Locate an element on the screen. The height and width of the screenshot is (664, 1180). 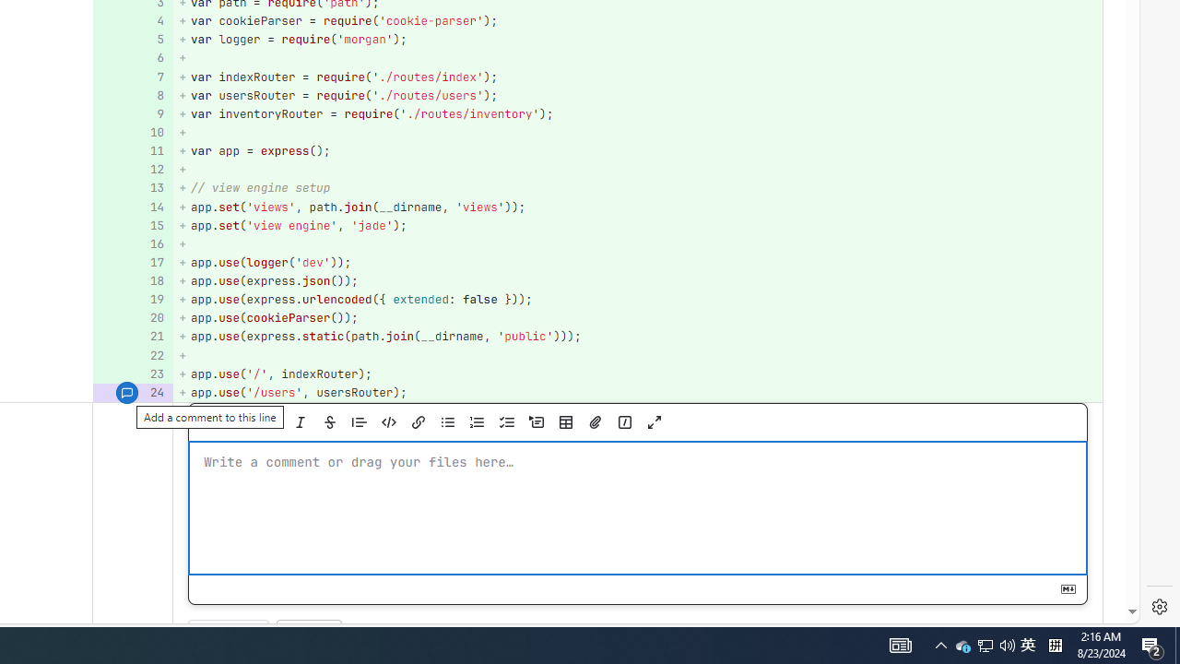
'22' is located at coordinates (130, 355).